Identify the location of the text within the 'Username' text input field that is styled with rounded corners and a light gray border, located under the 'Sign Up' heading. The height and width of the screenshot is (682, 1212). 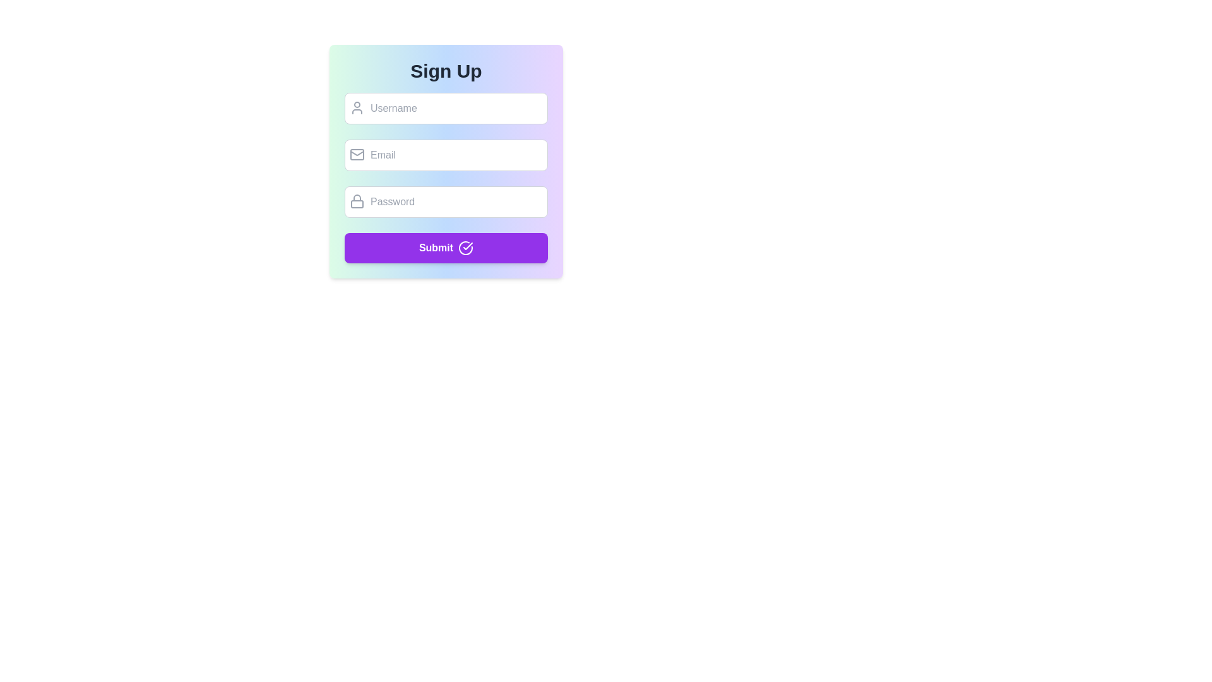
(446, 108).